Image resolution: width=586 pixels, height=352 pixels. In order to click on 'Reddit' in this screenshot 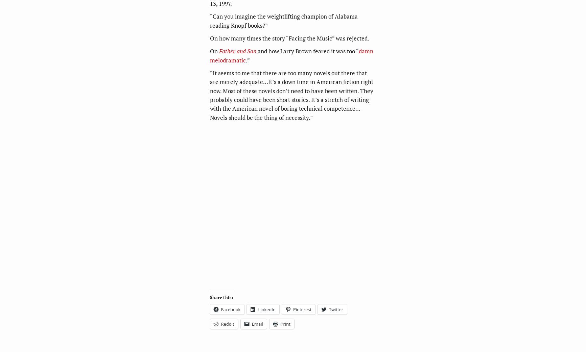, I will do `click(227, 323)`.